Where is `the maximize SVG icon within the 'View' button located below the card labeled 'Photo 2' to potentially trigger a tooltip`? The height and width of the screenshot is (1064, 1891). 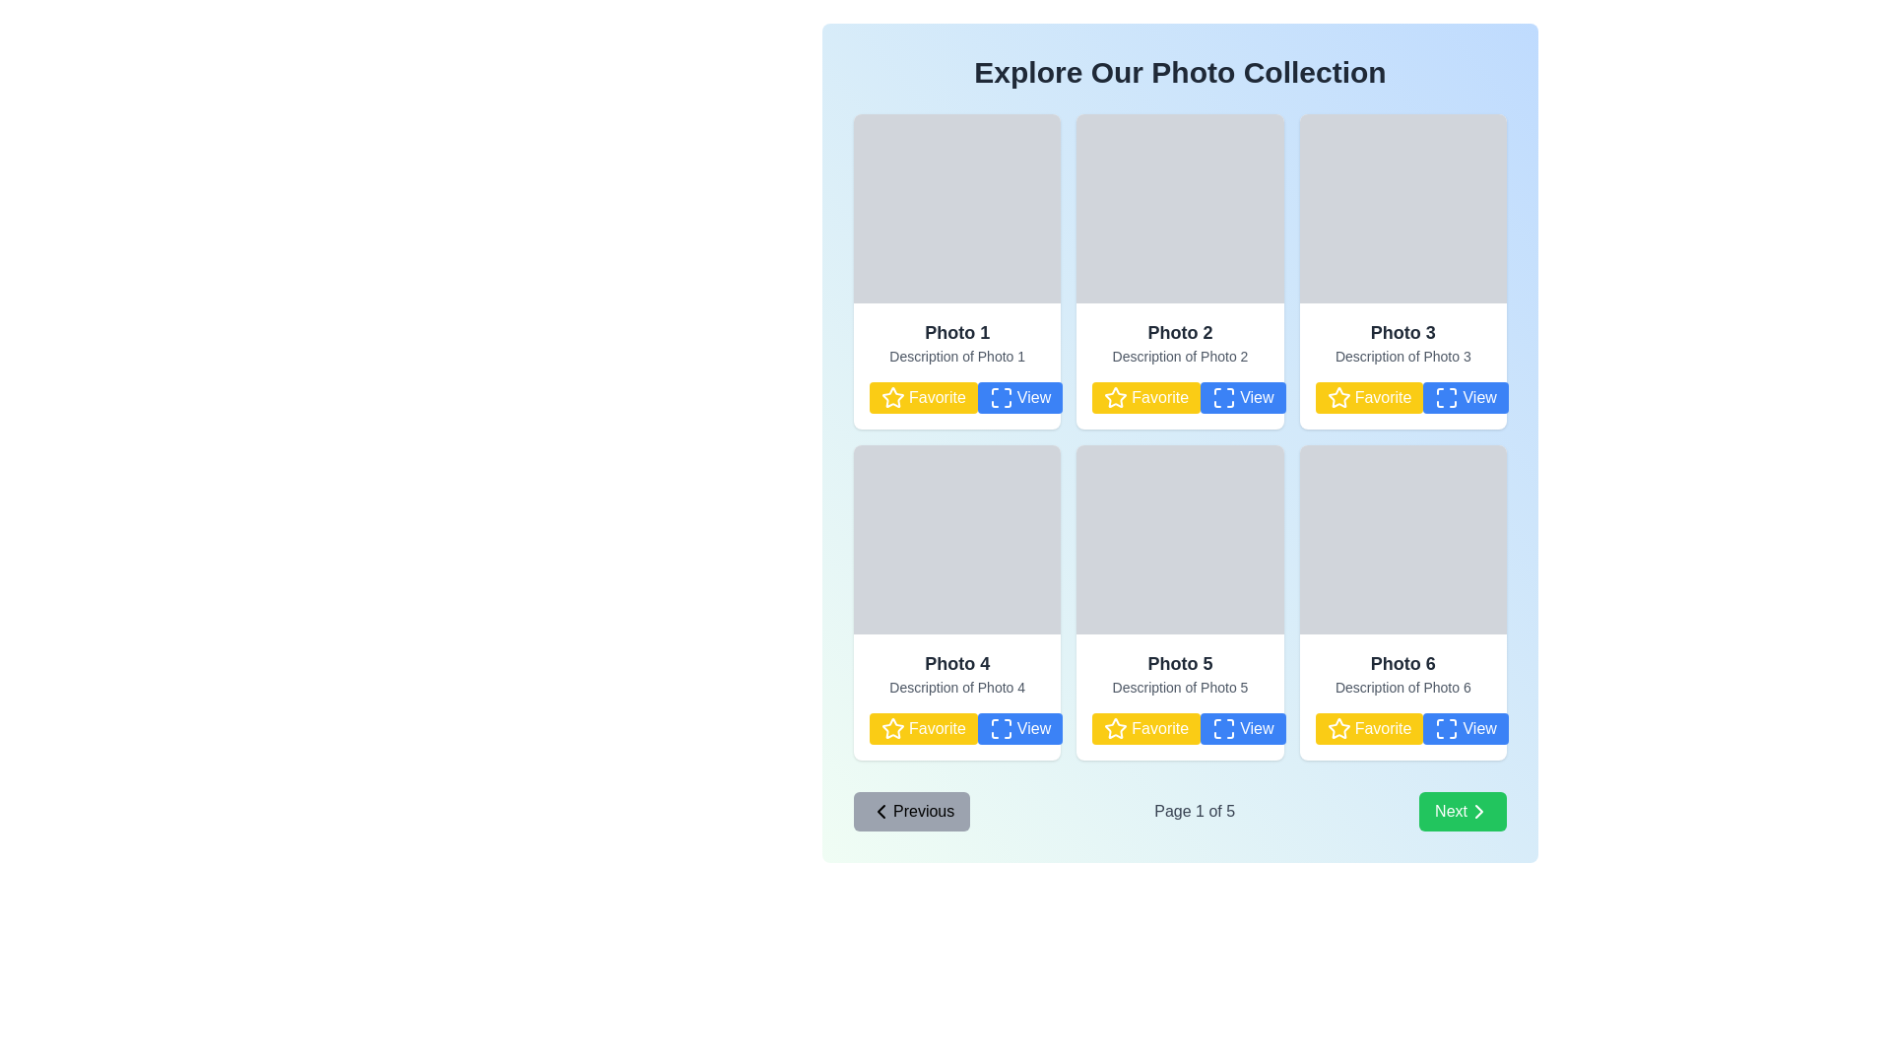 the maximize SVG icon within the 'View' button located below the card labeled 'Photo 2' to potentially trigger a tooltip is located at coordinates (1223, 398).